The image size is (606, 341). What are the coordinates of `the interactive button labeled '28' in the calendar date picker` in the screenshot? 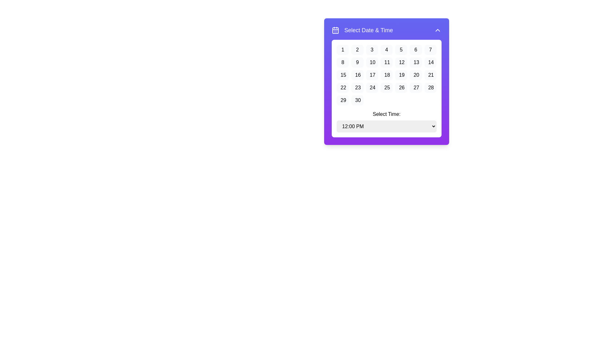 It's located at (430, 87).